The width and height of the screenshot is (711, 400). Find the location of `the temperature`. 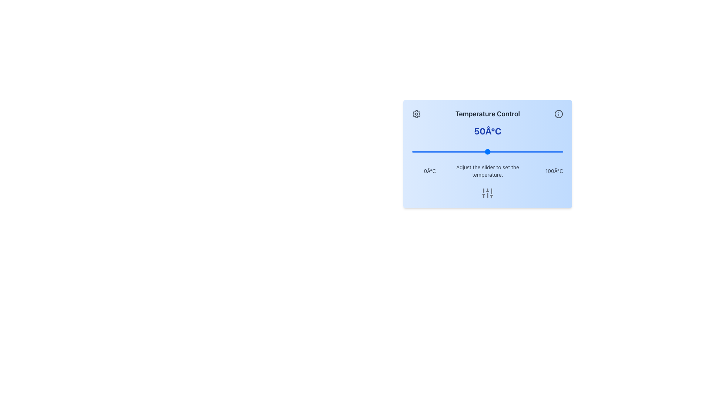

the temperature is located at coordinates (545, 151).